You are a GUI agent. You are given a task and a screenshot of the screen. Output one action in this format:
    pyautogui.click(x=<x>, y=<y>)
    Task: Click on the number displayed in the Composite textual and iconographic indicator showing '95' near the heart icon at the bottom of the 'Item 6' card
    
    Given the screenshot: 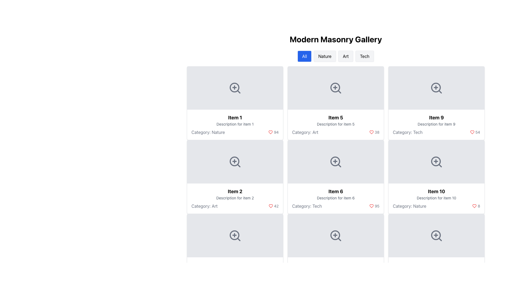 What is the action you would take?
    pyautogui.click(x=336, y=206)
    